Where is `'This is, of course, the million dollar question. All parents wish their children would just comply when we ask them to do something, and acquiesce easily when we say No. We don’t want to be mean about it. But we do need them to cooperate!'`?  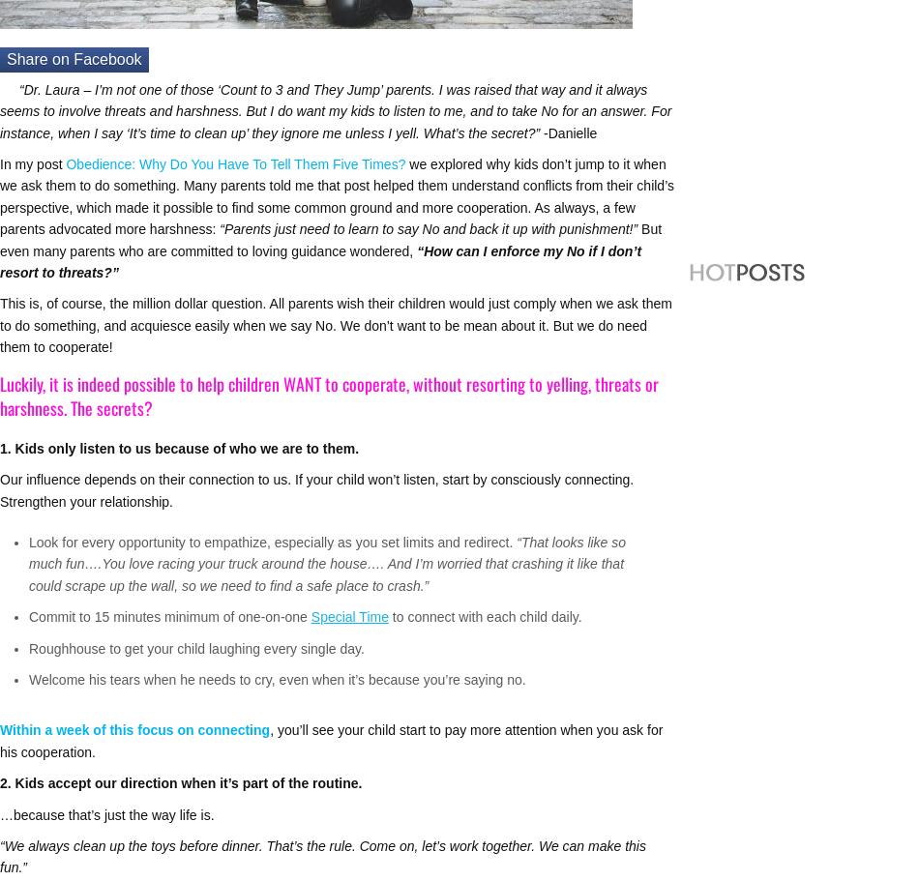
'This is, of course, the million dollar question. All parents wish their children would just comply when we ask them to do something, and acquiesce easily when we say No. We don’t want to be mean about it. But we do need them to cooperate!' is located at coordinates (335, 324).